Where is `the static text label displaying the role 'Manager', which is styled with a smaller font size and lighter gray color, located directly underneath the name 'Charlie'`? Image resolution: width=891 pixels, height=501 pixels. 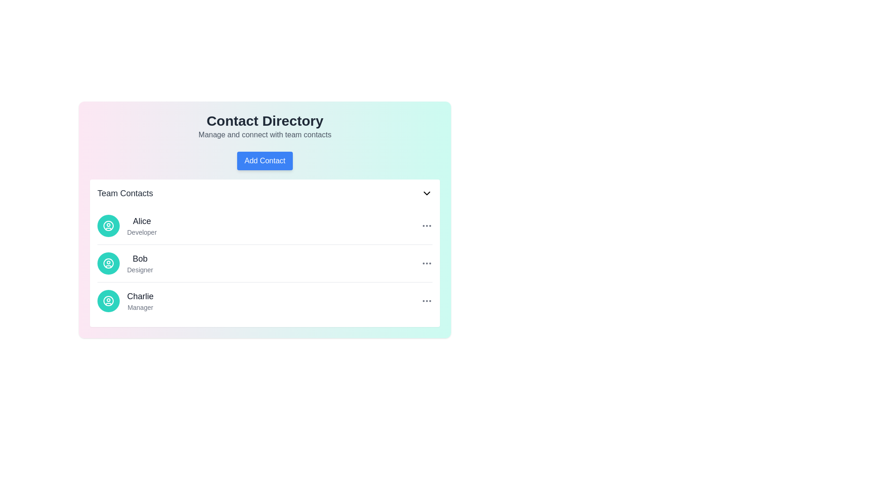 the static text label displaying the role 'Manager', which is styled with a smaller font size and lighter gray color, located directly underneath the name 'Charlie' is located at coordinates (140, 308).